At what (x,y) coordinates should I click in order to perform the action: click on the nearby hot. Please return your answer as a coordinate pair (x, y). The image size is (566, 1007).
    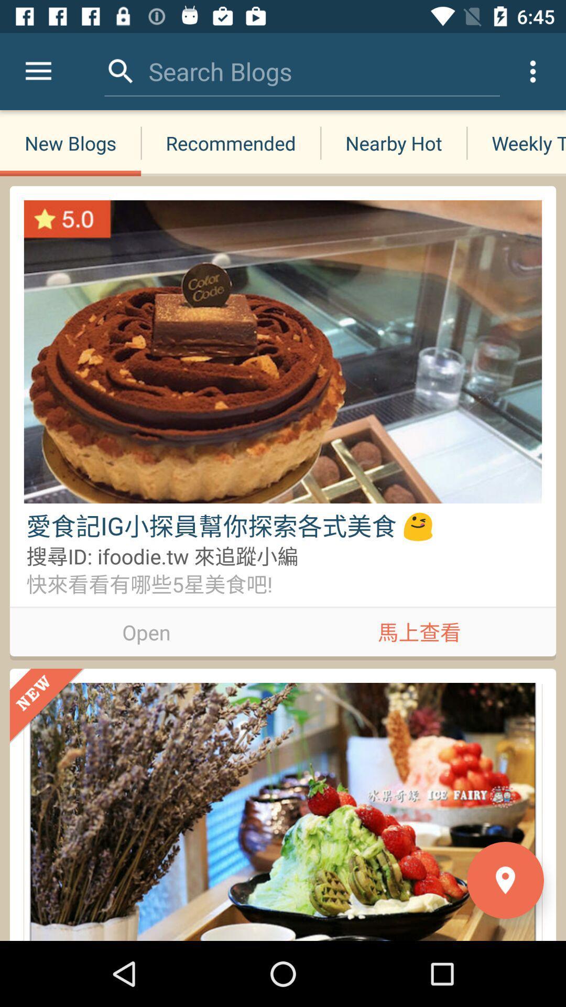
    Looking at the image, I should click on (394, 143).